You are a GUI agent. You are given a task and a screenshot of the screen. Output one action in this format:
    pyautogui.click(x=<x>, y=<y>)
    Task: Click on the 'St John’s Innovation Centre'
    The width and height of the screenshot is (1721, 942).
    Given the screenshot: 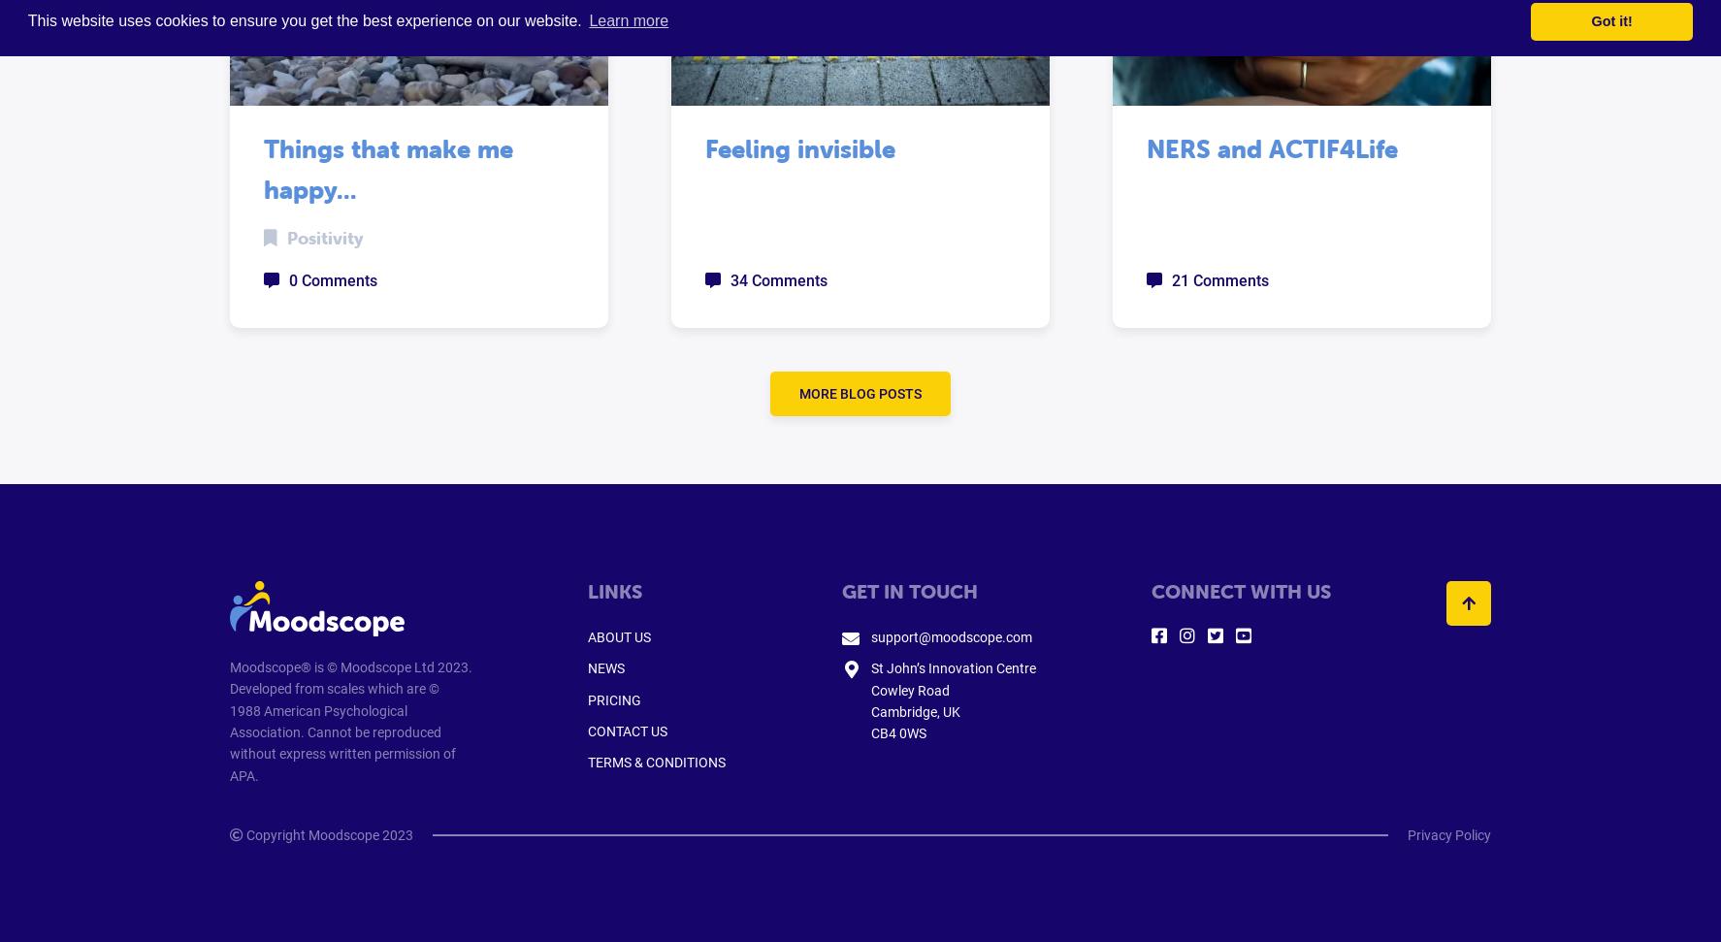 What is the action you would take?
    pyautogui.click(x=953, y=668)
    